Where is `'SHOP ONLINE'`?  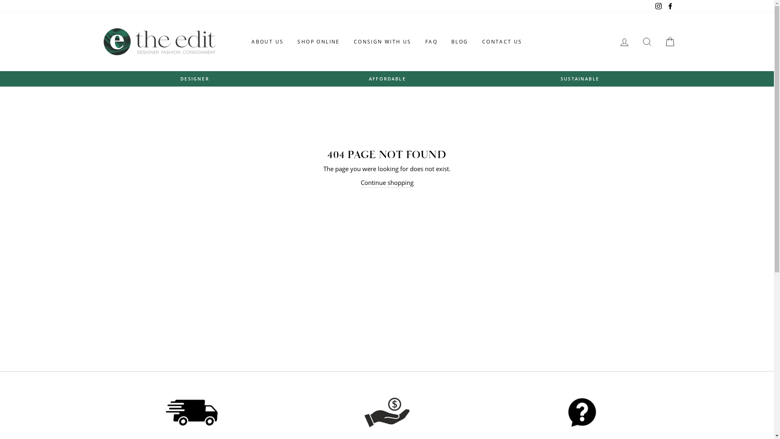 'SHOP ONLINE' is located at coordinates (318, 42).